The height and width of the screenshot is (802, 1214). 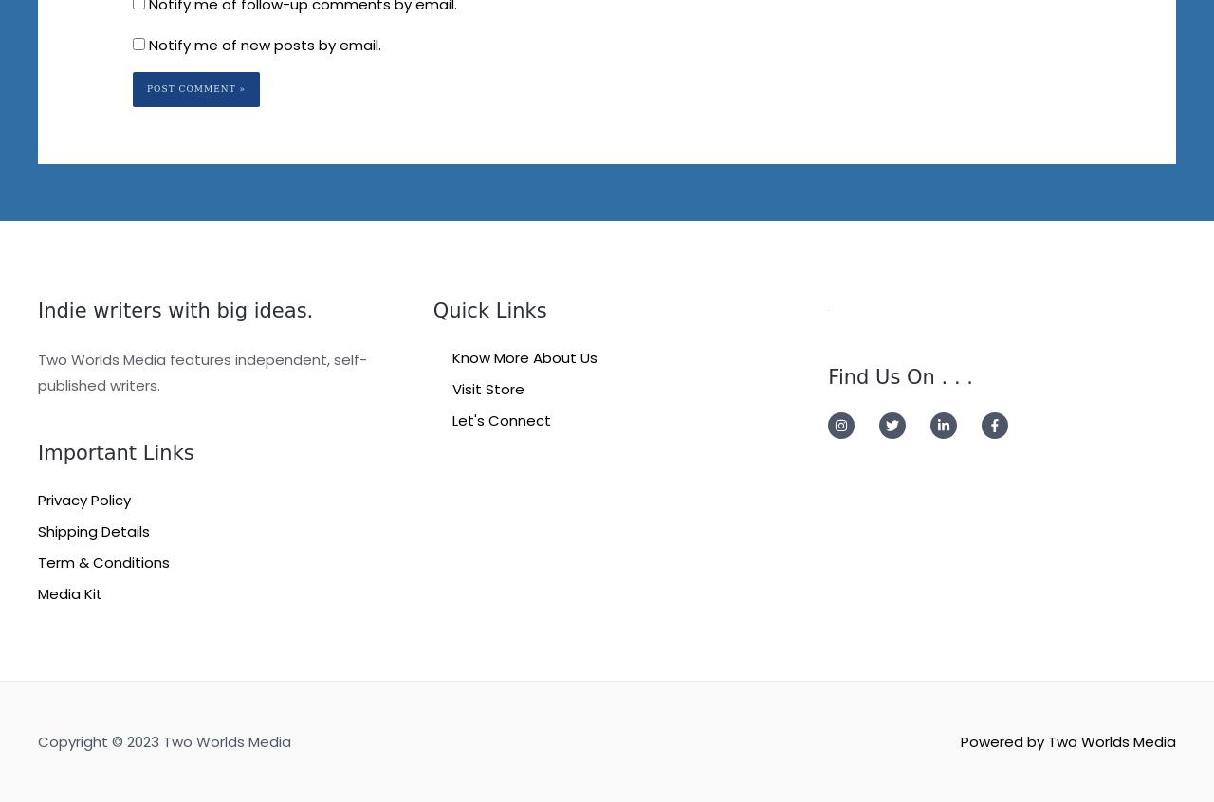 I want to click on 'Powered by Two Worlds Media', so click(x=1068, y=740).